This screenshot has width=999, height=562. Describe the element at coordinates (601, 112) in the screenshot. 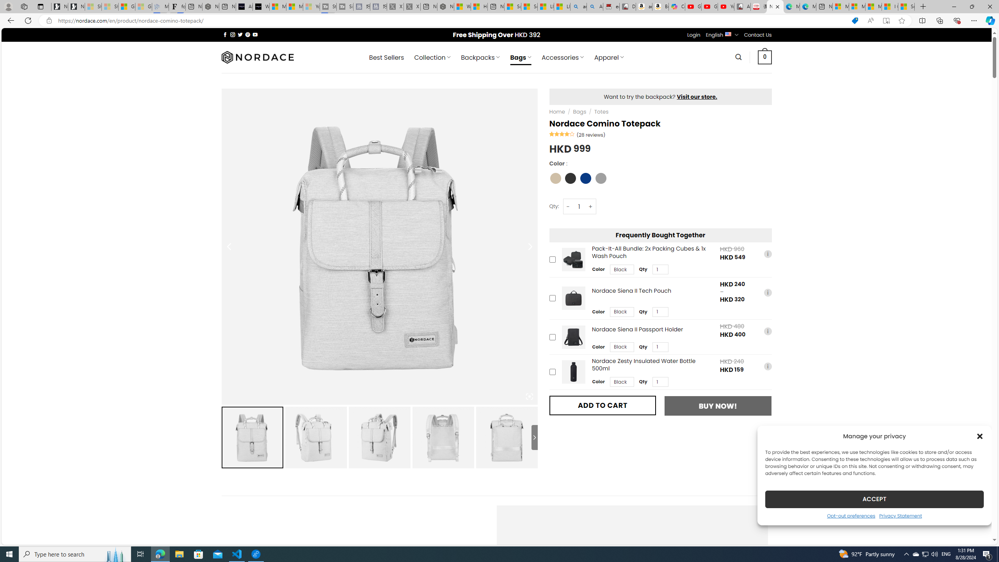

I see `'Totes'` at that location.